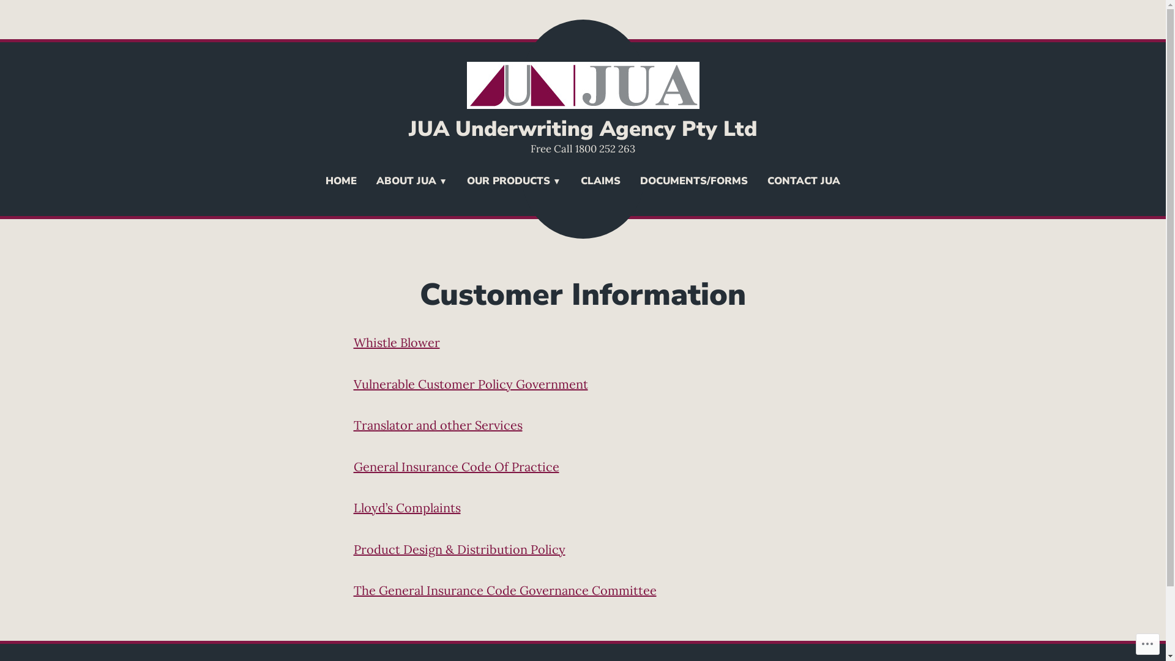  What do you see at coordinates (455, 466) in the screenshot?
I see `'General Insurance Code Of Practice'` at bounding box center [455, 466].